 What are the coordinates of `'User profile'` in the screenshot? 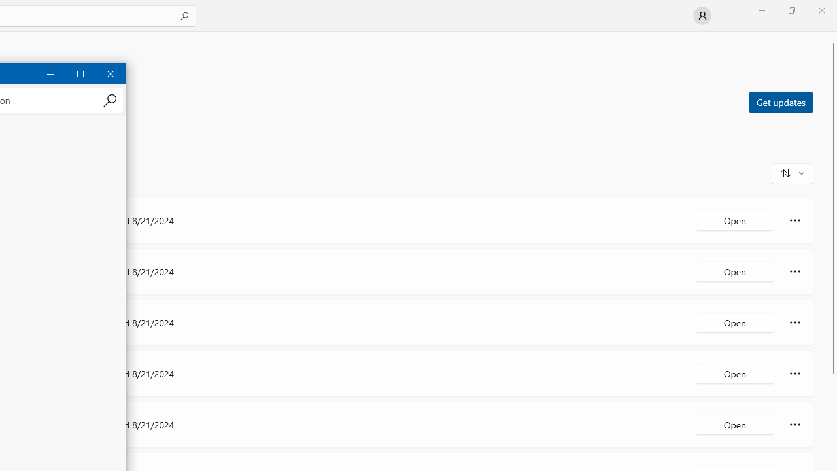 It's located at (701, 16).